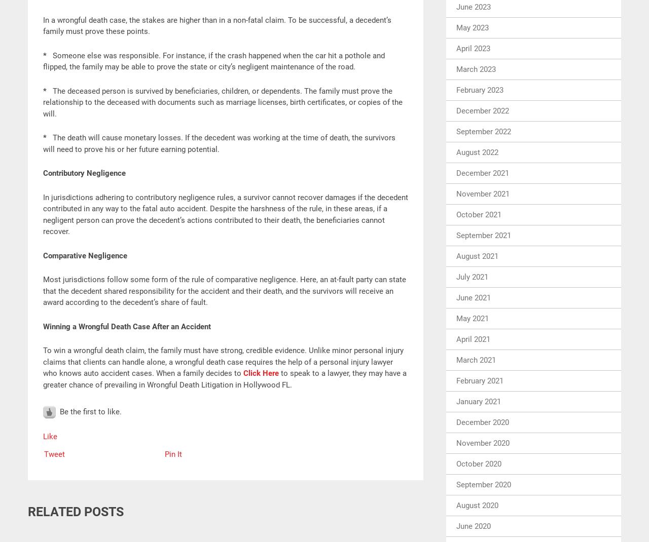 The width and height of the screenshot is (649, 542). I want to click on 'April 2021', so click(455, 338).